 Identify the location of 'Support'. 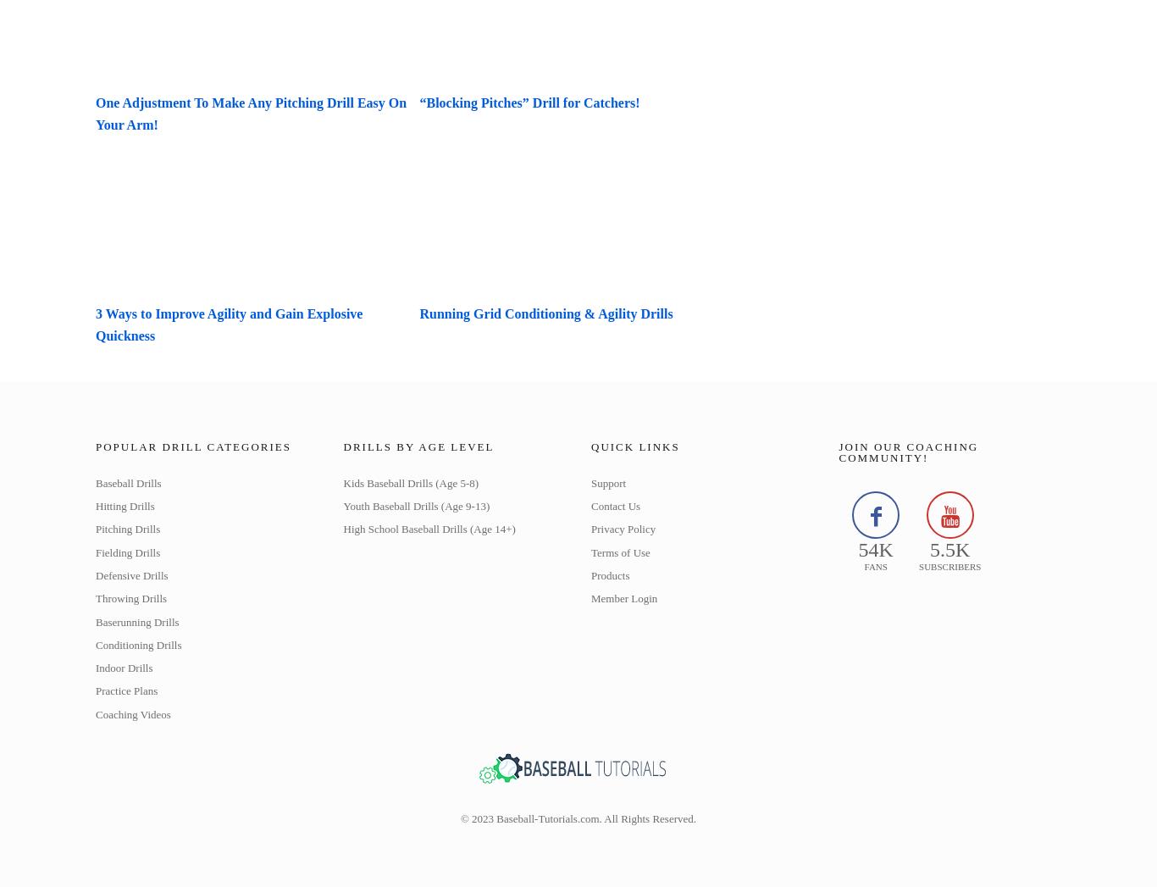
(608, 482).